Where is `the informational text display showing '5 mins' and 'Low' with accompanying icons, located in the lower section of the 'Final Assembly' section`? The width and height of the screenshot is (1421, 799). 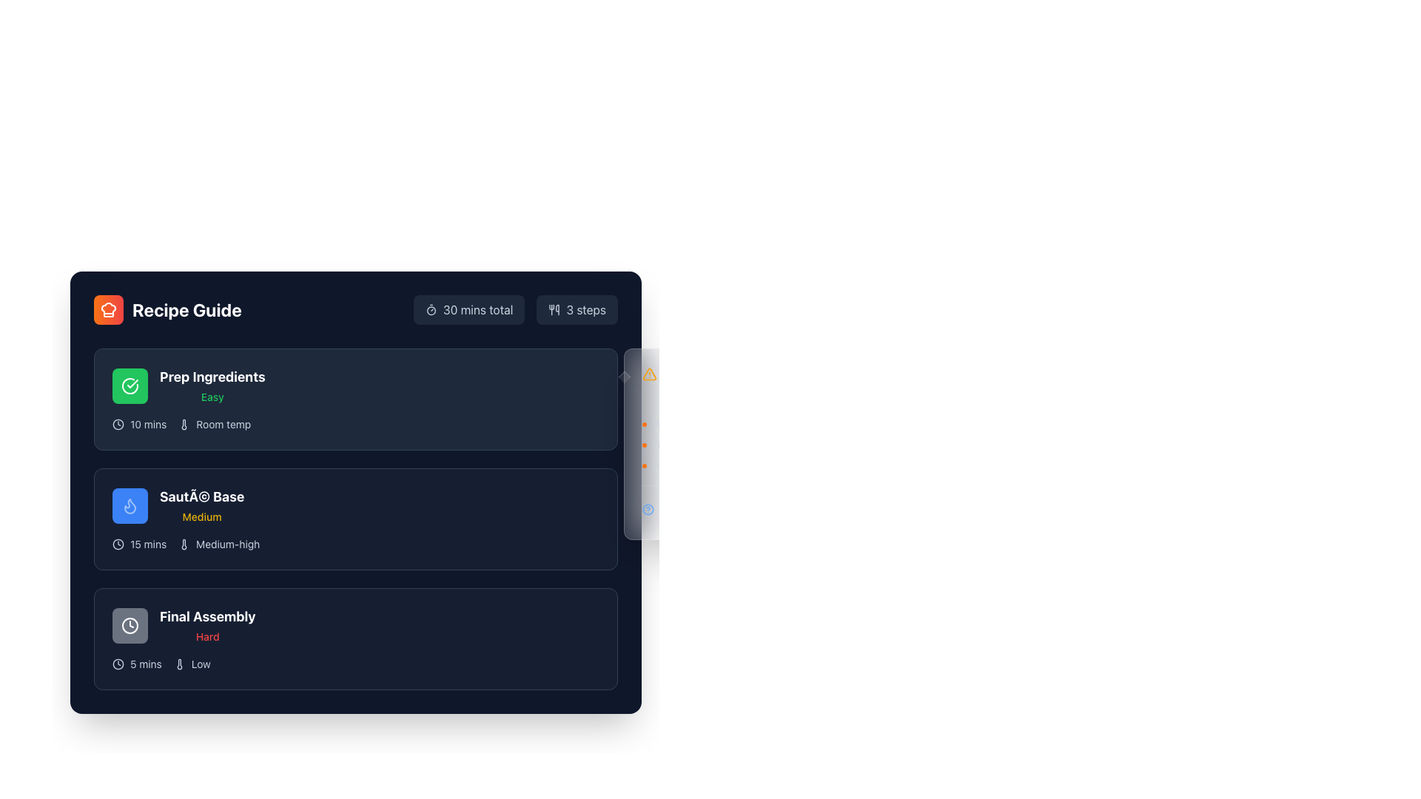
the informational text display showing '5 mins' and 'Low' with accompanying icons, located in the lower section of the 'Final Assembly' section is located at coordinates (355, 664).